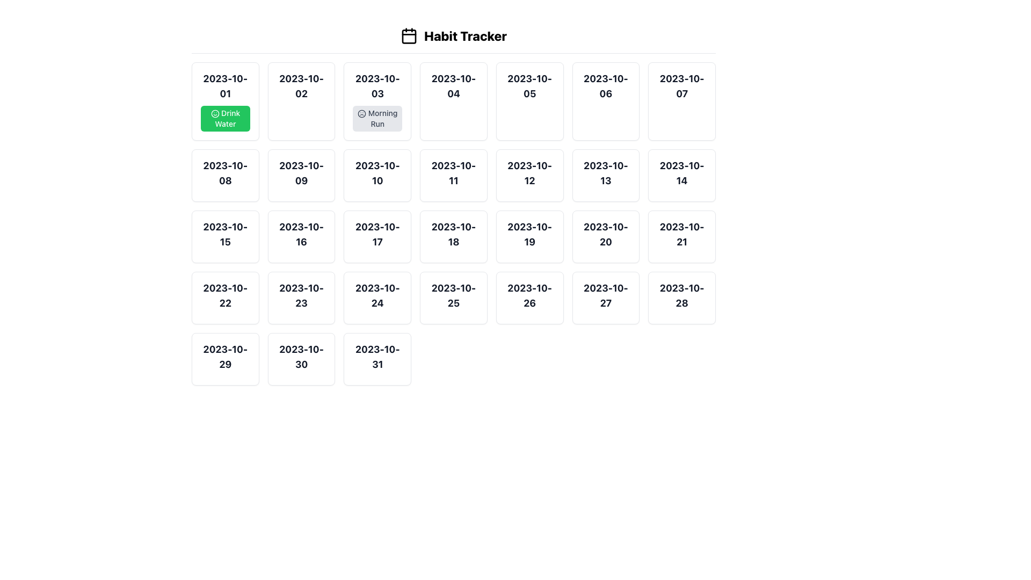  What do you see at coordinates (224, 357) in the screenshot?
I see `the Text Label indicating the date October 29, 2023, located in the bottom-left group of the calendar grid` at bounding box center [224, 357].